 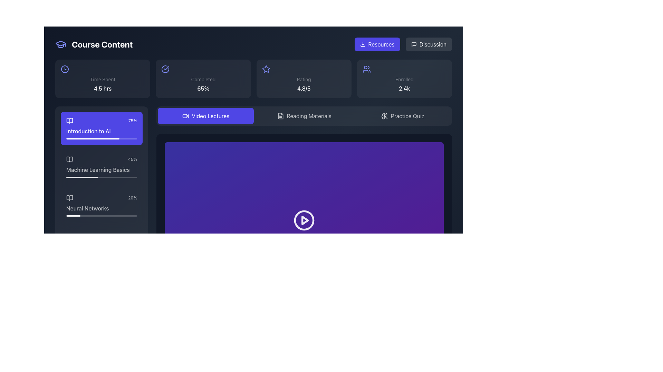 I want to click on the 'Neural Networks' learning module button located, so click(x=101, y=205).